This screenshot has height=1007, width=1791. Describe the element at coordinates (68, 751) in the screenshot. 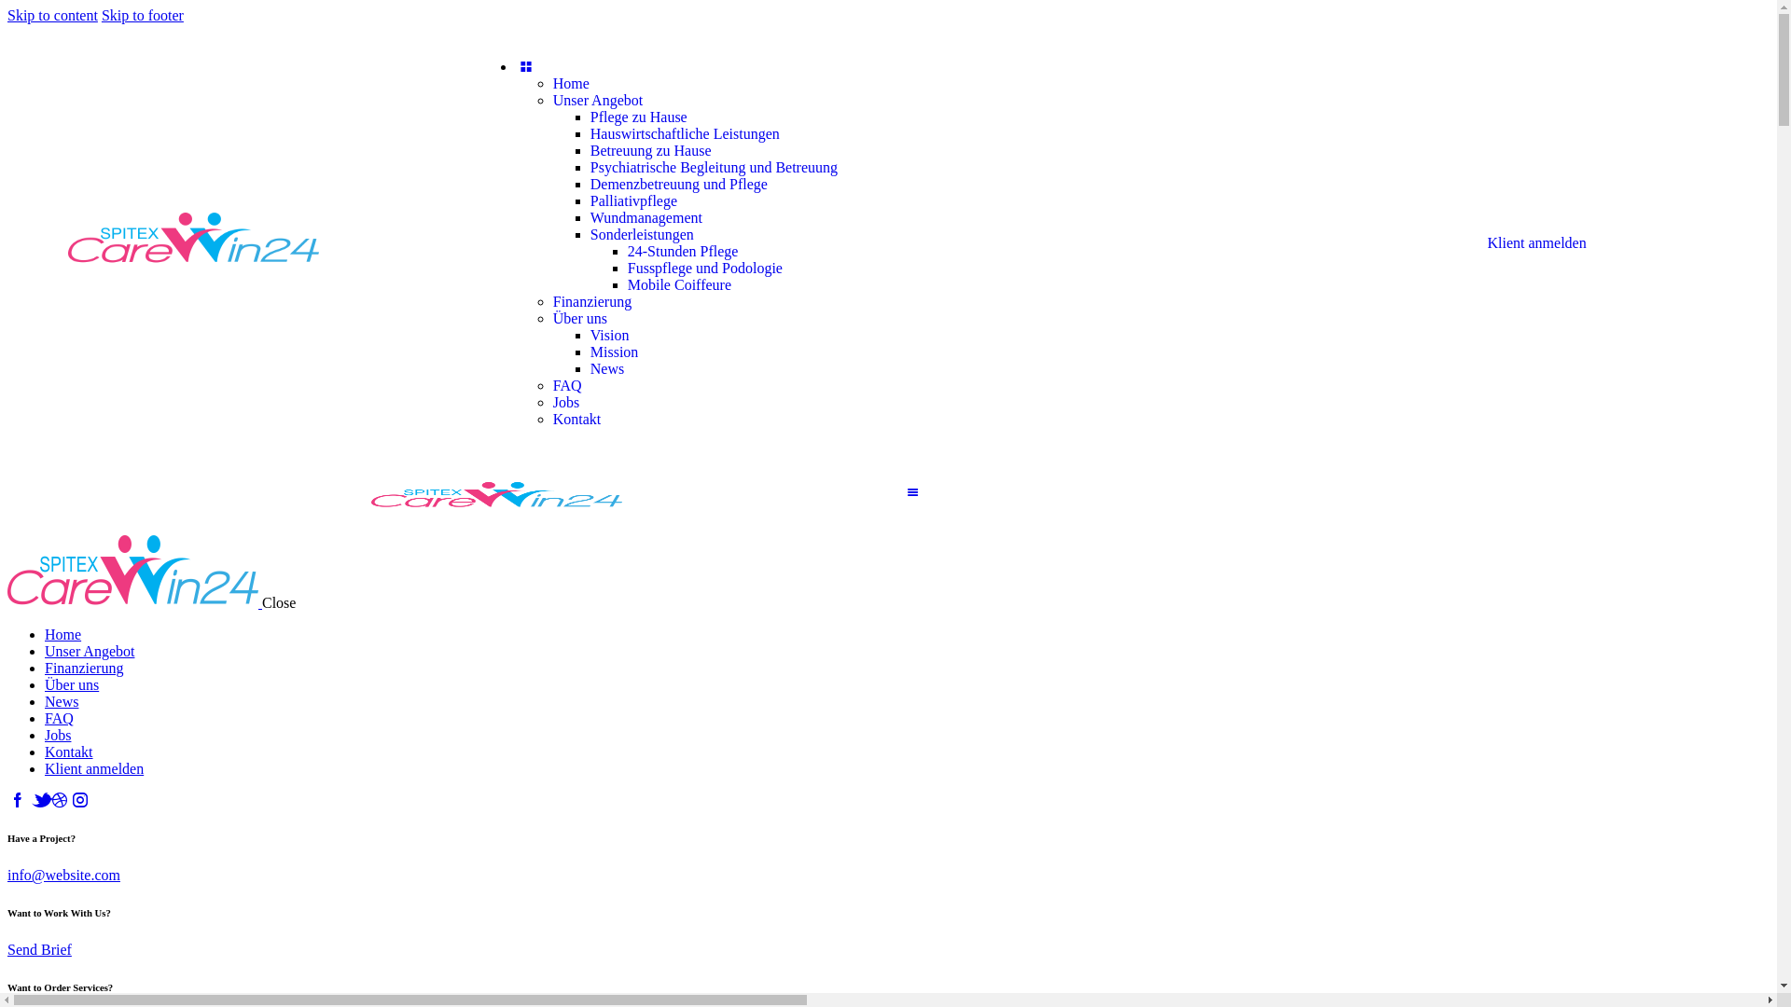

I see `'Kontakt'` at that location.